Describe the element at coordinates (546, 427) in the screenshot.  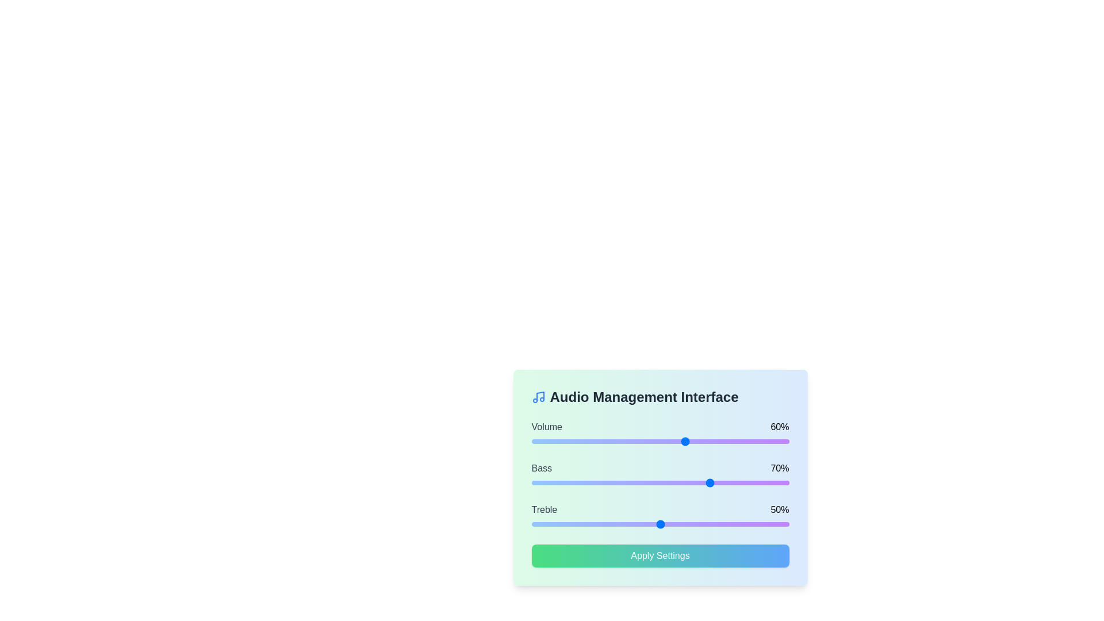
I see `the bold text label displaying 'Volume' located at the top-left corner of the Audio Management Interface panel` at that location.